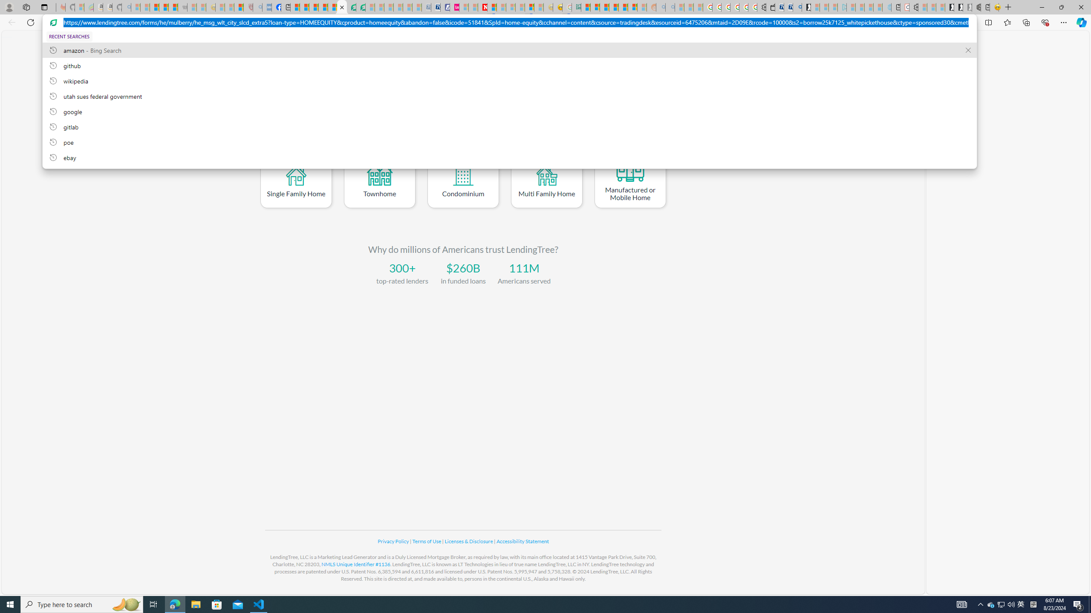  I want to click on 'Microsoft Word - consumer-privacy address update 2.2021', so click(360, 7).